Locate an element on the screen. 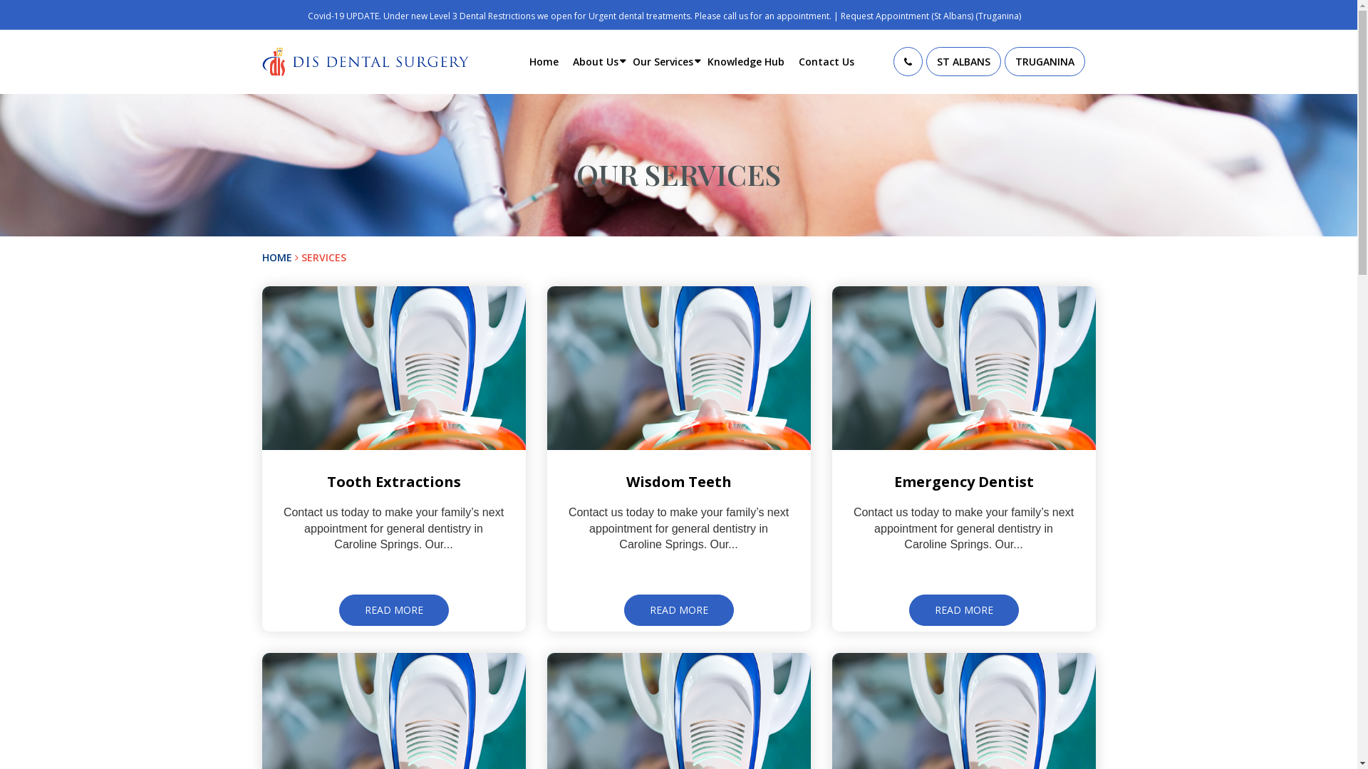  'Tooth Extractions' is located at coordinates (393, 481).